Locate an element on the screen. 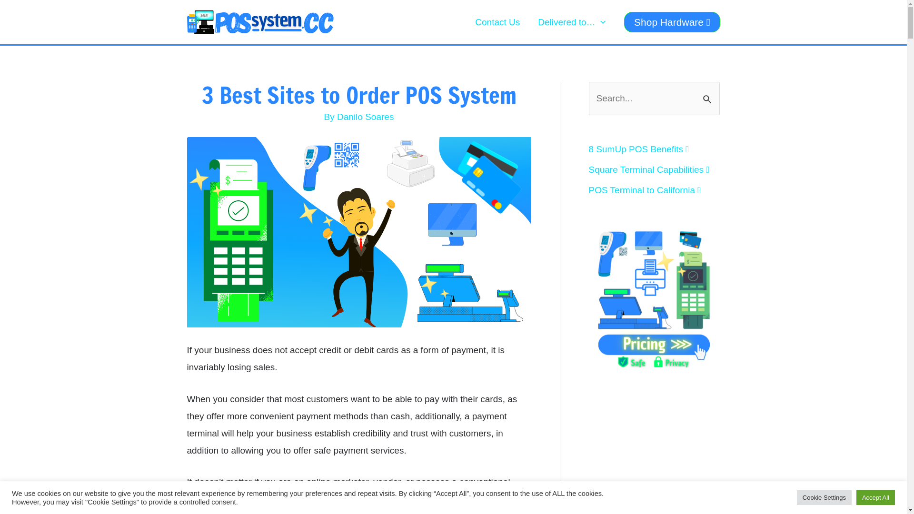  'Contact Us' is located at coordinates (466, 21).